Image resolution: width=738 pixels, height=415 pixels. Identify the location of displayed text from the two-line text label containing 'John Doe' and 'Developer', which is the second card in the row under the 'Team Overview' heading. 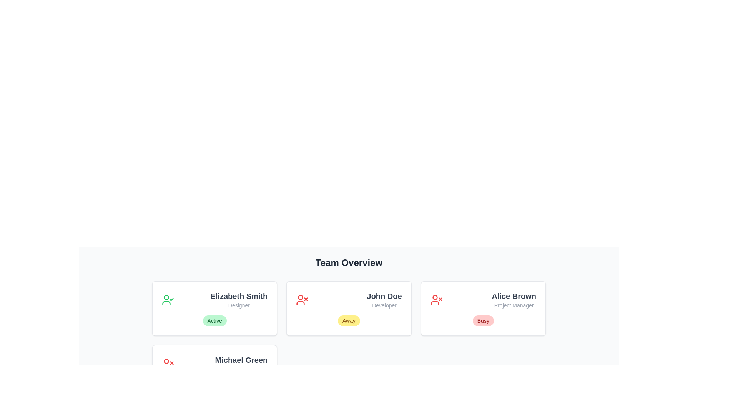
(384, 299).